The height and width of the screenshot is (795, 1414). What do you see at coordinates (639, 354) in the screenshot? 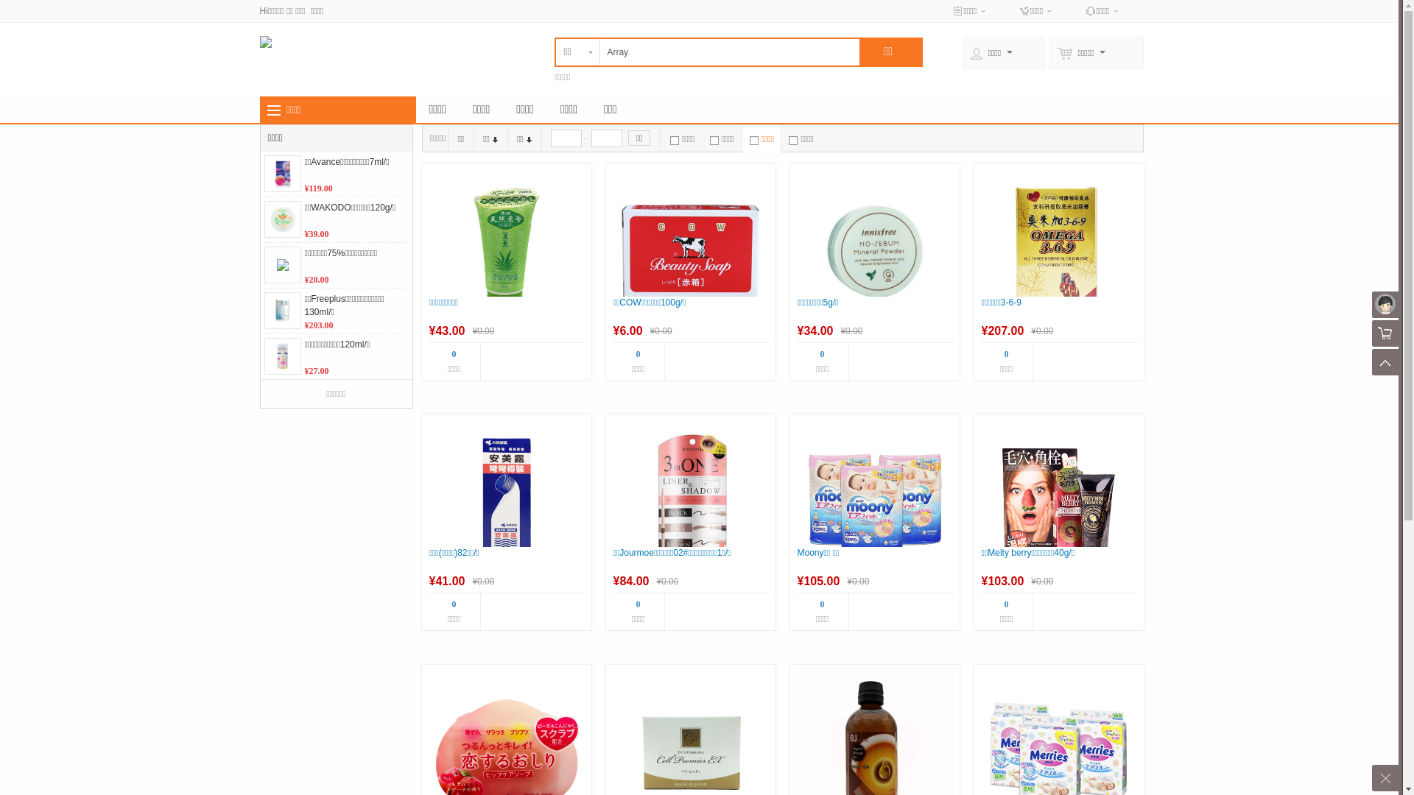
I see `'0'` at bounding box center [639, 354].